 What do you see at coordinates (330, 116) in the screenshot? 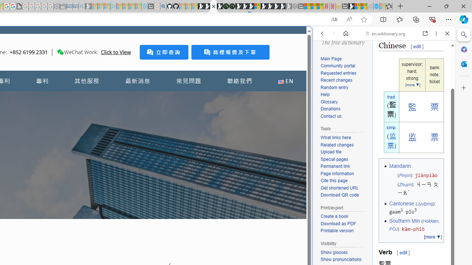
I see `'Contact us'` at bounding box center [330, 116].